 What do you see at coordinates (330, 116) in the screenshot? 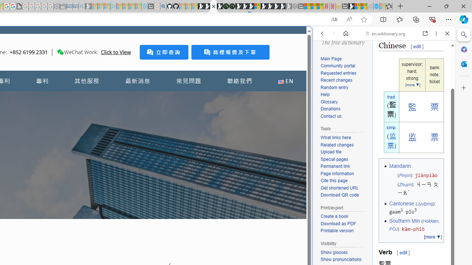
I see `'Contact us'` at bounding box center [330, 116].